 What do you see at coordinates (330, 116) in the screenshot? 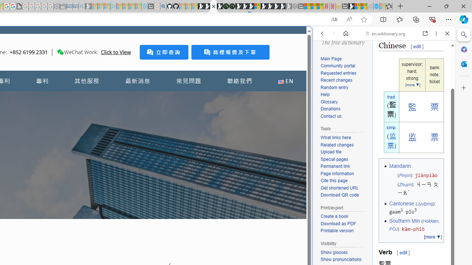
I see `'Contact us'` at bounding box center [330, 116].